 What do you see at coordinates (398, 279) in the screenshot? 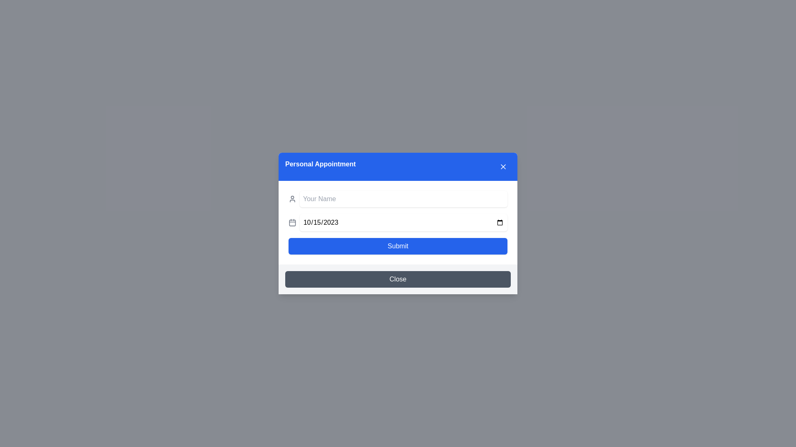
I see `the 'Close' button, which is a rectangular button with a dark gray background and white text, located at the bottom of a modal dialog box` at bounding box center [398, 279].